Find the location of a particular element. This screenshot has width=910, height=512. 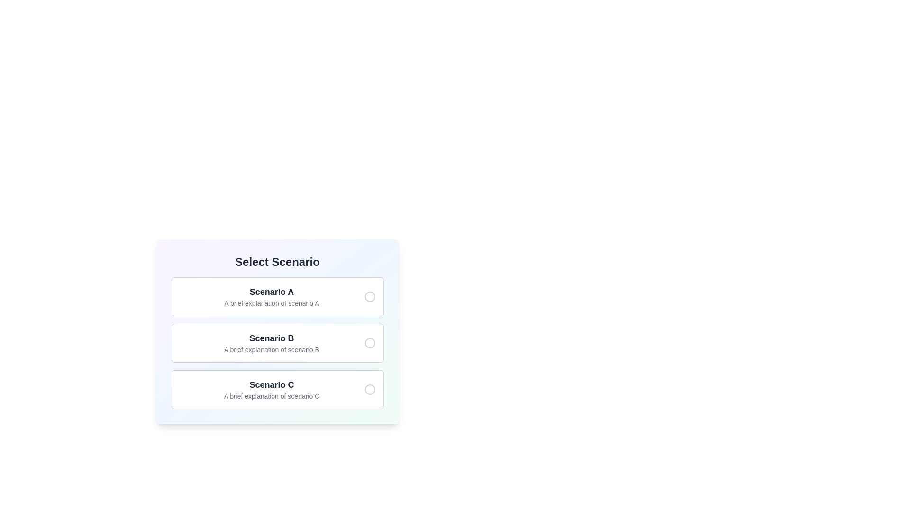

the text label reading 'Scenario A', which is styled in bold with a larger font size and dark gray color, located in the 'Select Scenario' section above a smaller text description is located at coordinates (271, 292).